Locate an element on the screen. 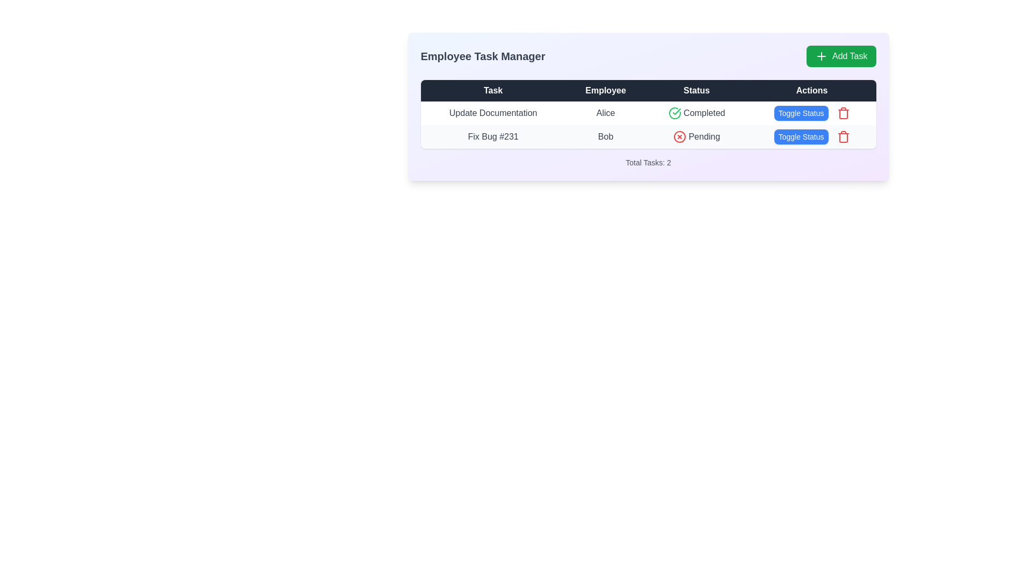 The image size is (1031, 580). the Status indicator displaying 'Completed' with a green check icon, located in the third column of the first row under the 'Status' header is located at coordinates (696, 113).